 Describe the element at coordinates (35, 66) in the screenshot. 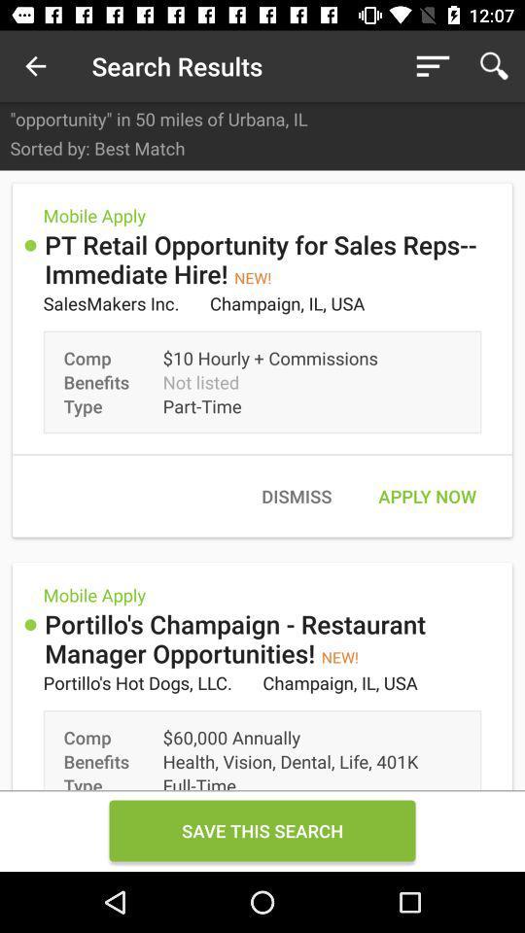

I see `the item above the opportunity in 50 item` at that location.